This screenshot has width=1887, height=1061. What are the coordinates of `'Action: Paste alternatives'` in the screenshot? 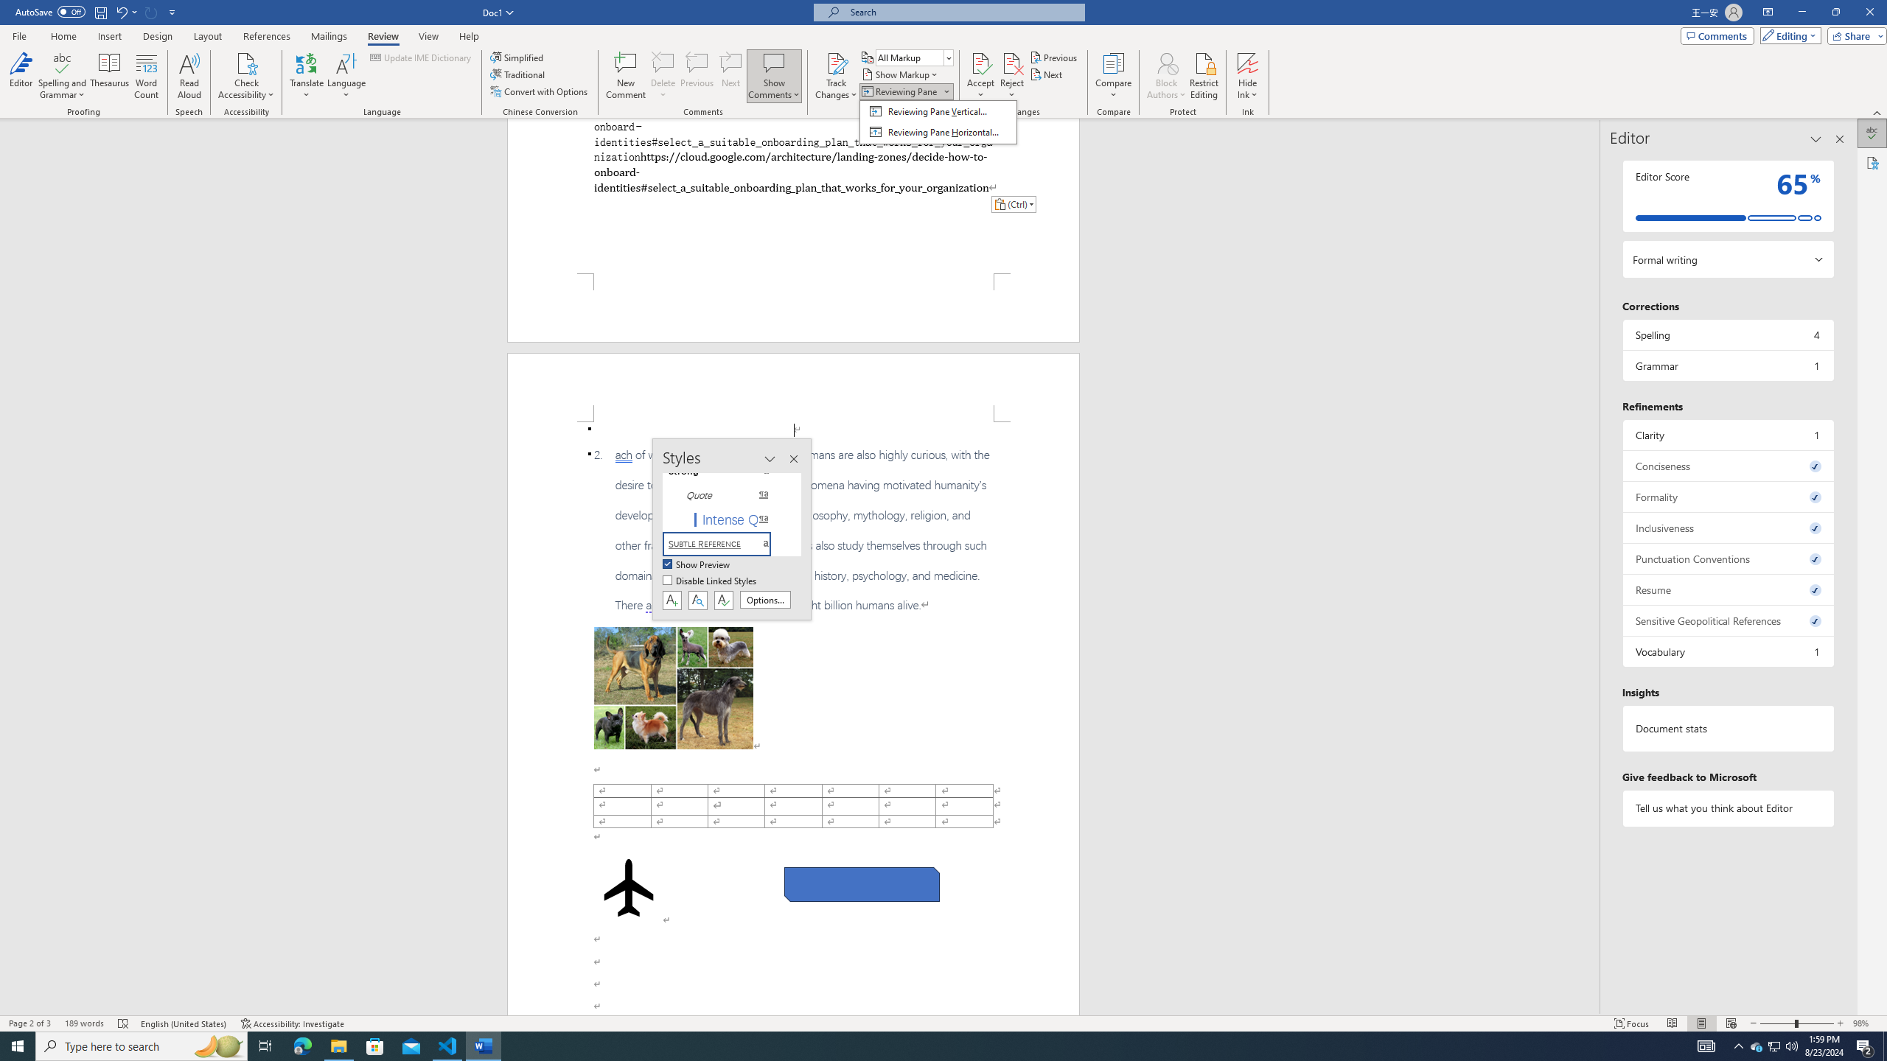 It's located at (1012, 203).